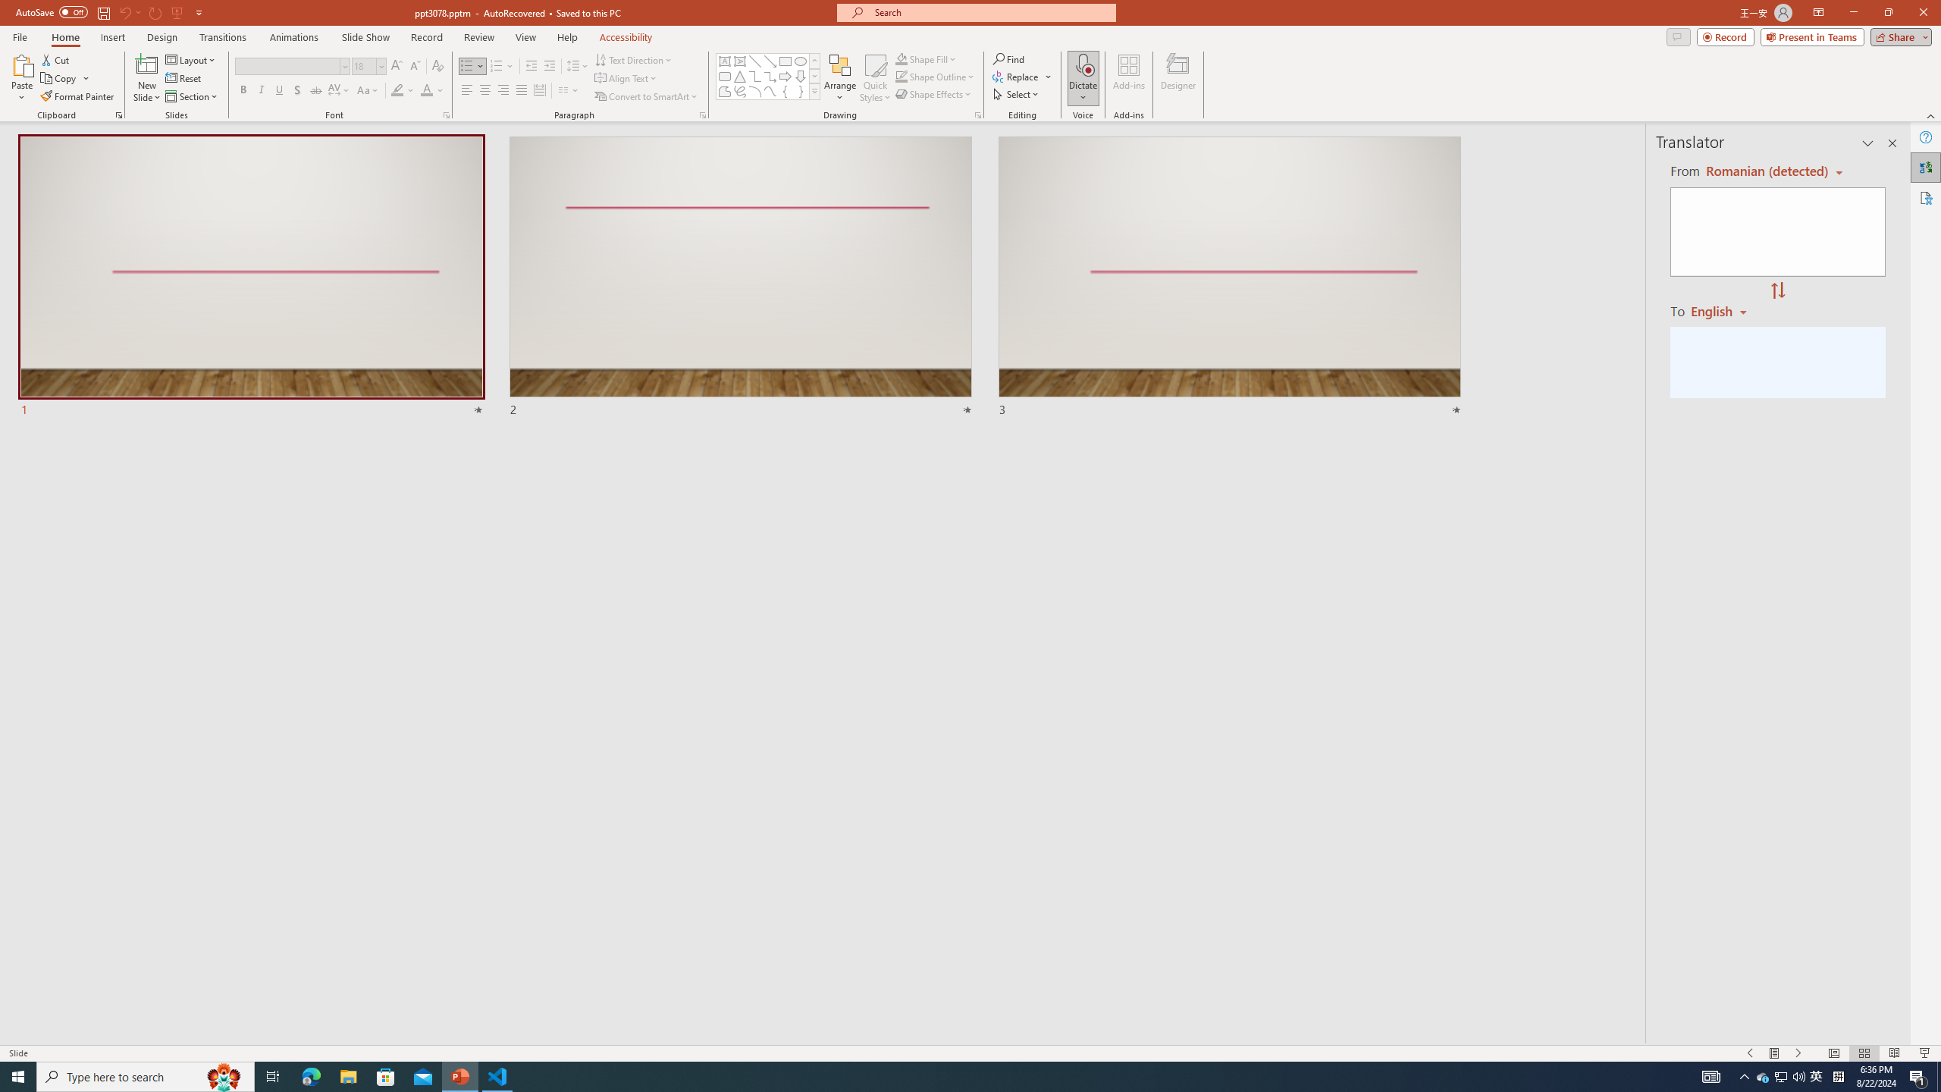  What do you see at coordinates (1774, 1053) in the screenshot?
I see `'Menu On'` at bounding box center [1774, 1053].